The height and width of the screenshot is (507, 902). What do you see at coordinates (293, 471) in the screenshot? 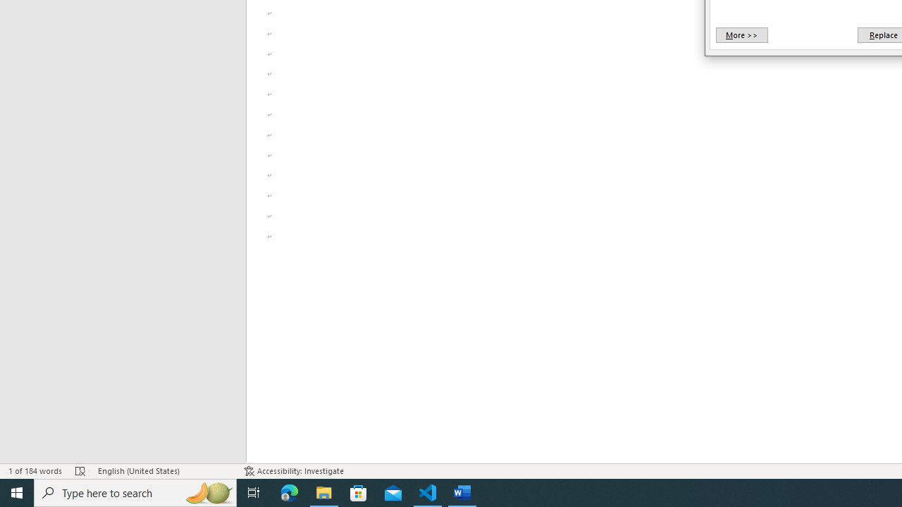
I see `'Accessibility Checker Accessibility: Investigate'` at bounding box center [293, 471].